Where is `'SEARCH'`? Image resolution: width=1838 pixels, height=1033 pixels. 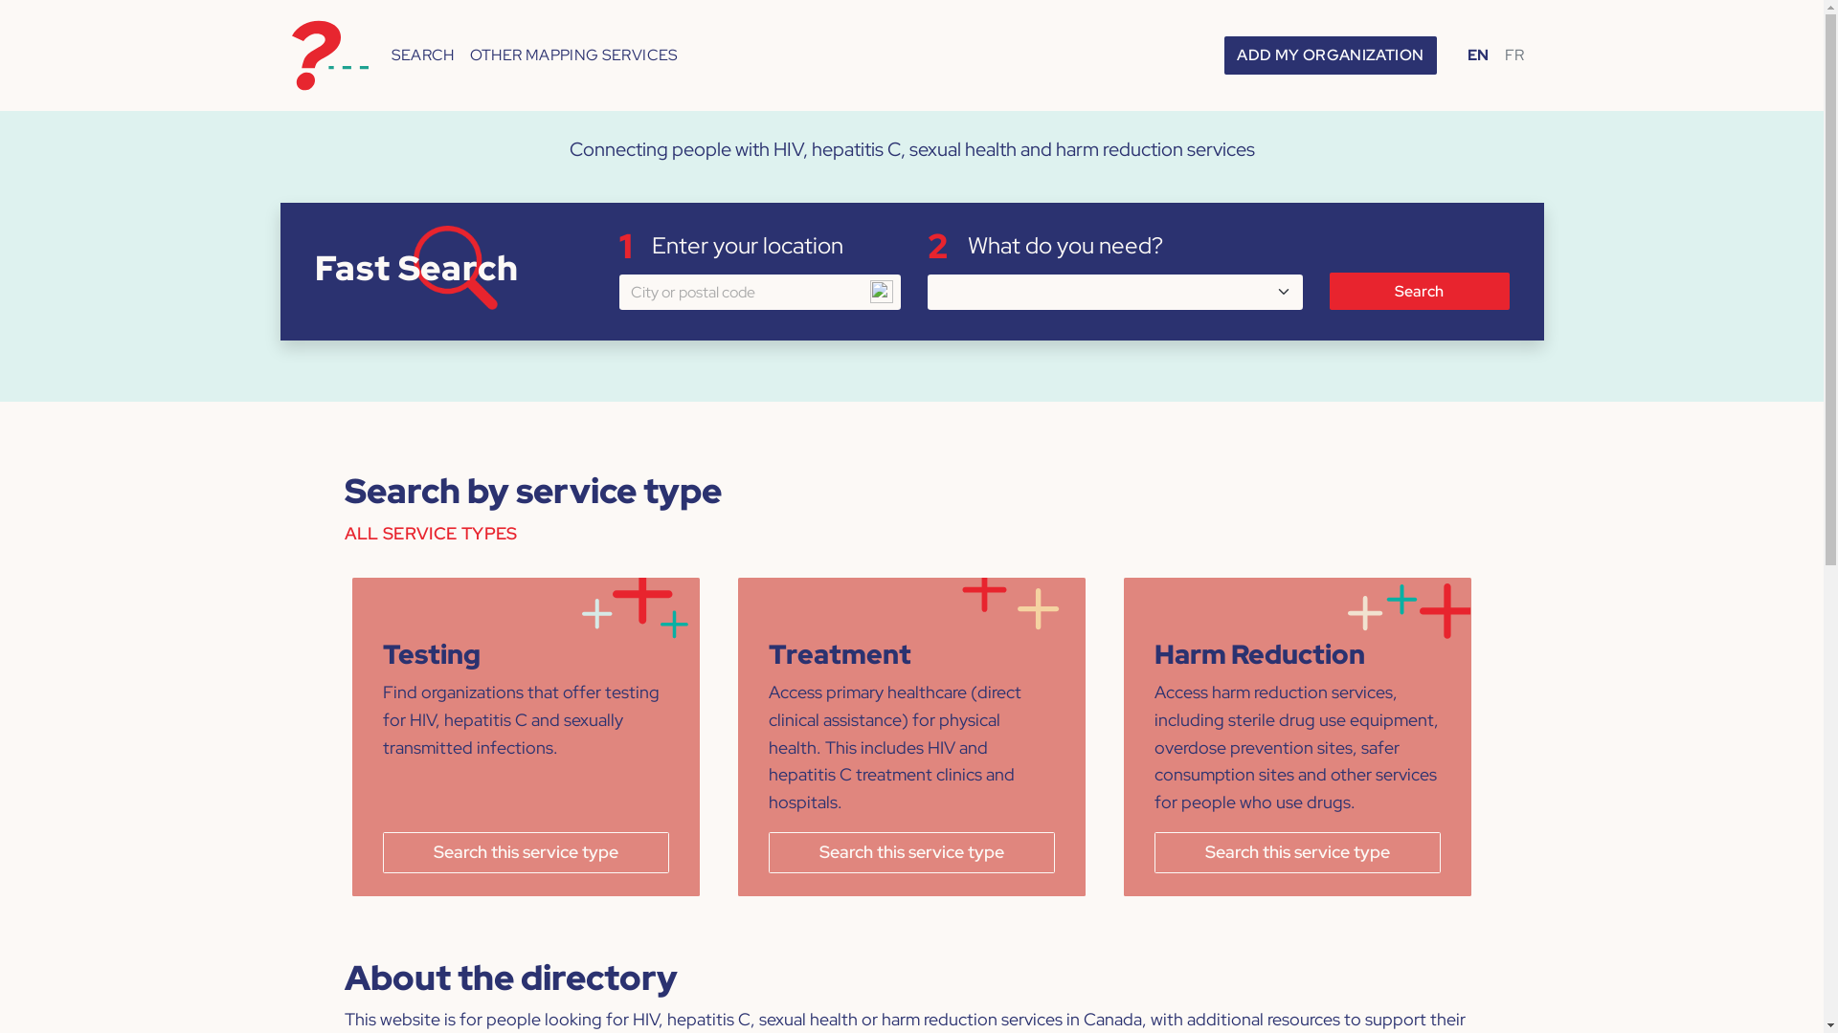 'SEARCH' is located at coordinates (421, 54).